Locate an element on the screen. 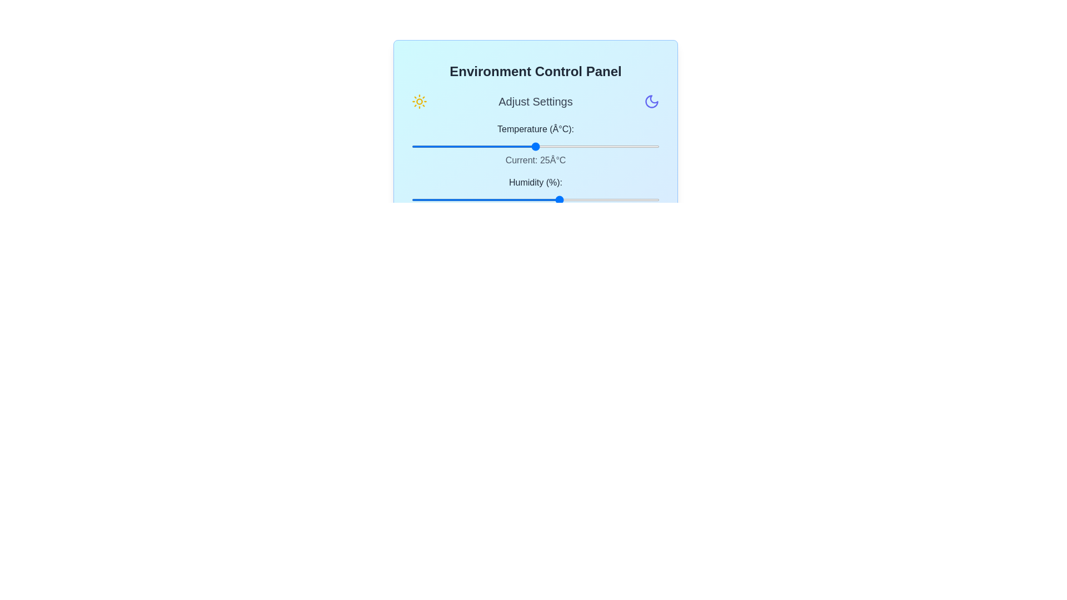  the temperature slider to set the temperature to 38°C is located at coordinates (600, 146).